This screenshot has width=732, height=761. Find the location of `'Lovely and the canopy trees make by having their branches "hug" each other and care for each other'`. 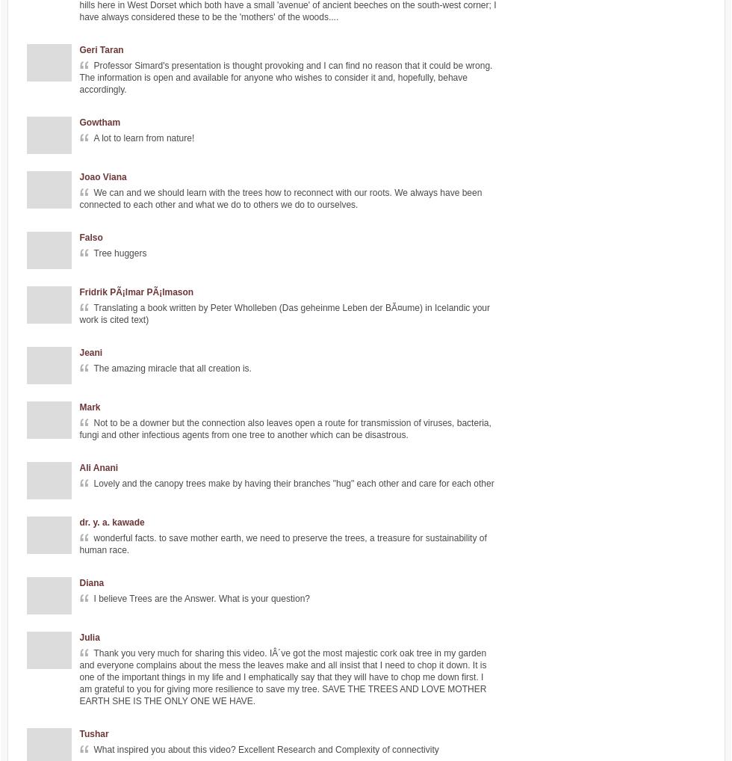

'Lovely and the canopy trees make by having their branches "hug" each other and care for each other' is located at coordinates (293, 483).